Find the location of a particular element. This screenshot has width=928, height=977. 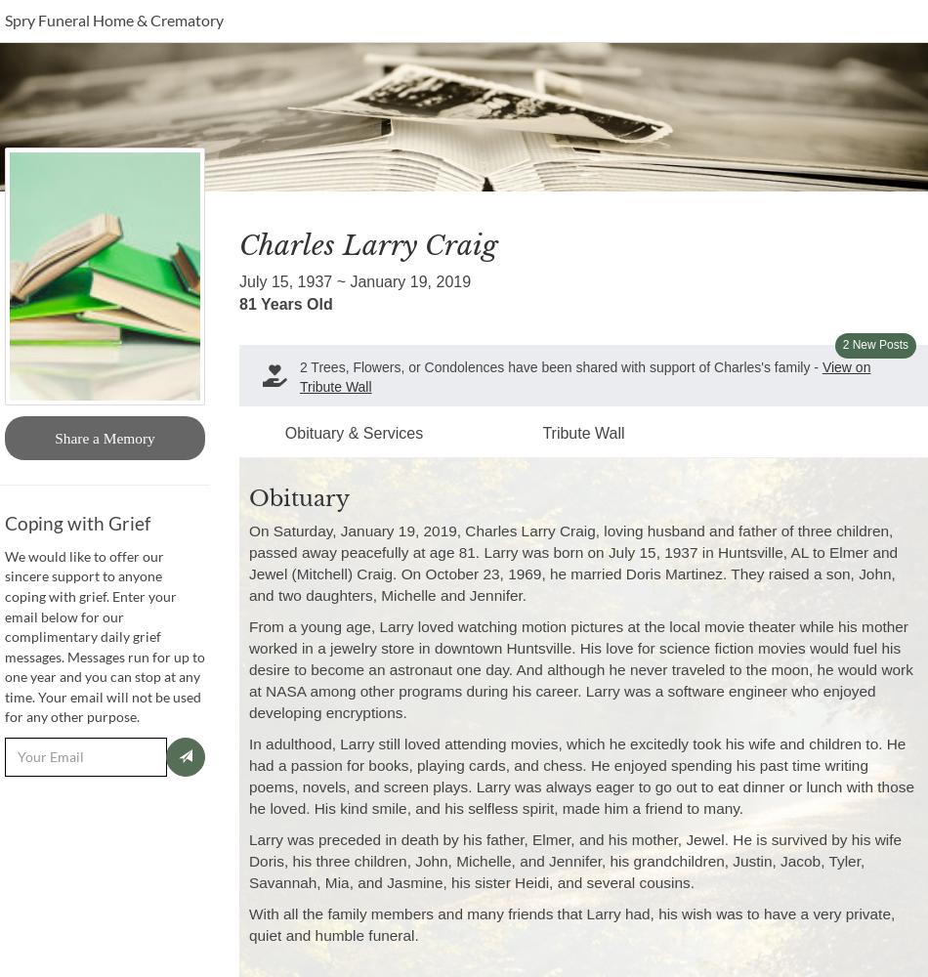

'July 15, 1937' is located at coordinates (238, 280).